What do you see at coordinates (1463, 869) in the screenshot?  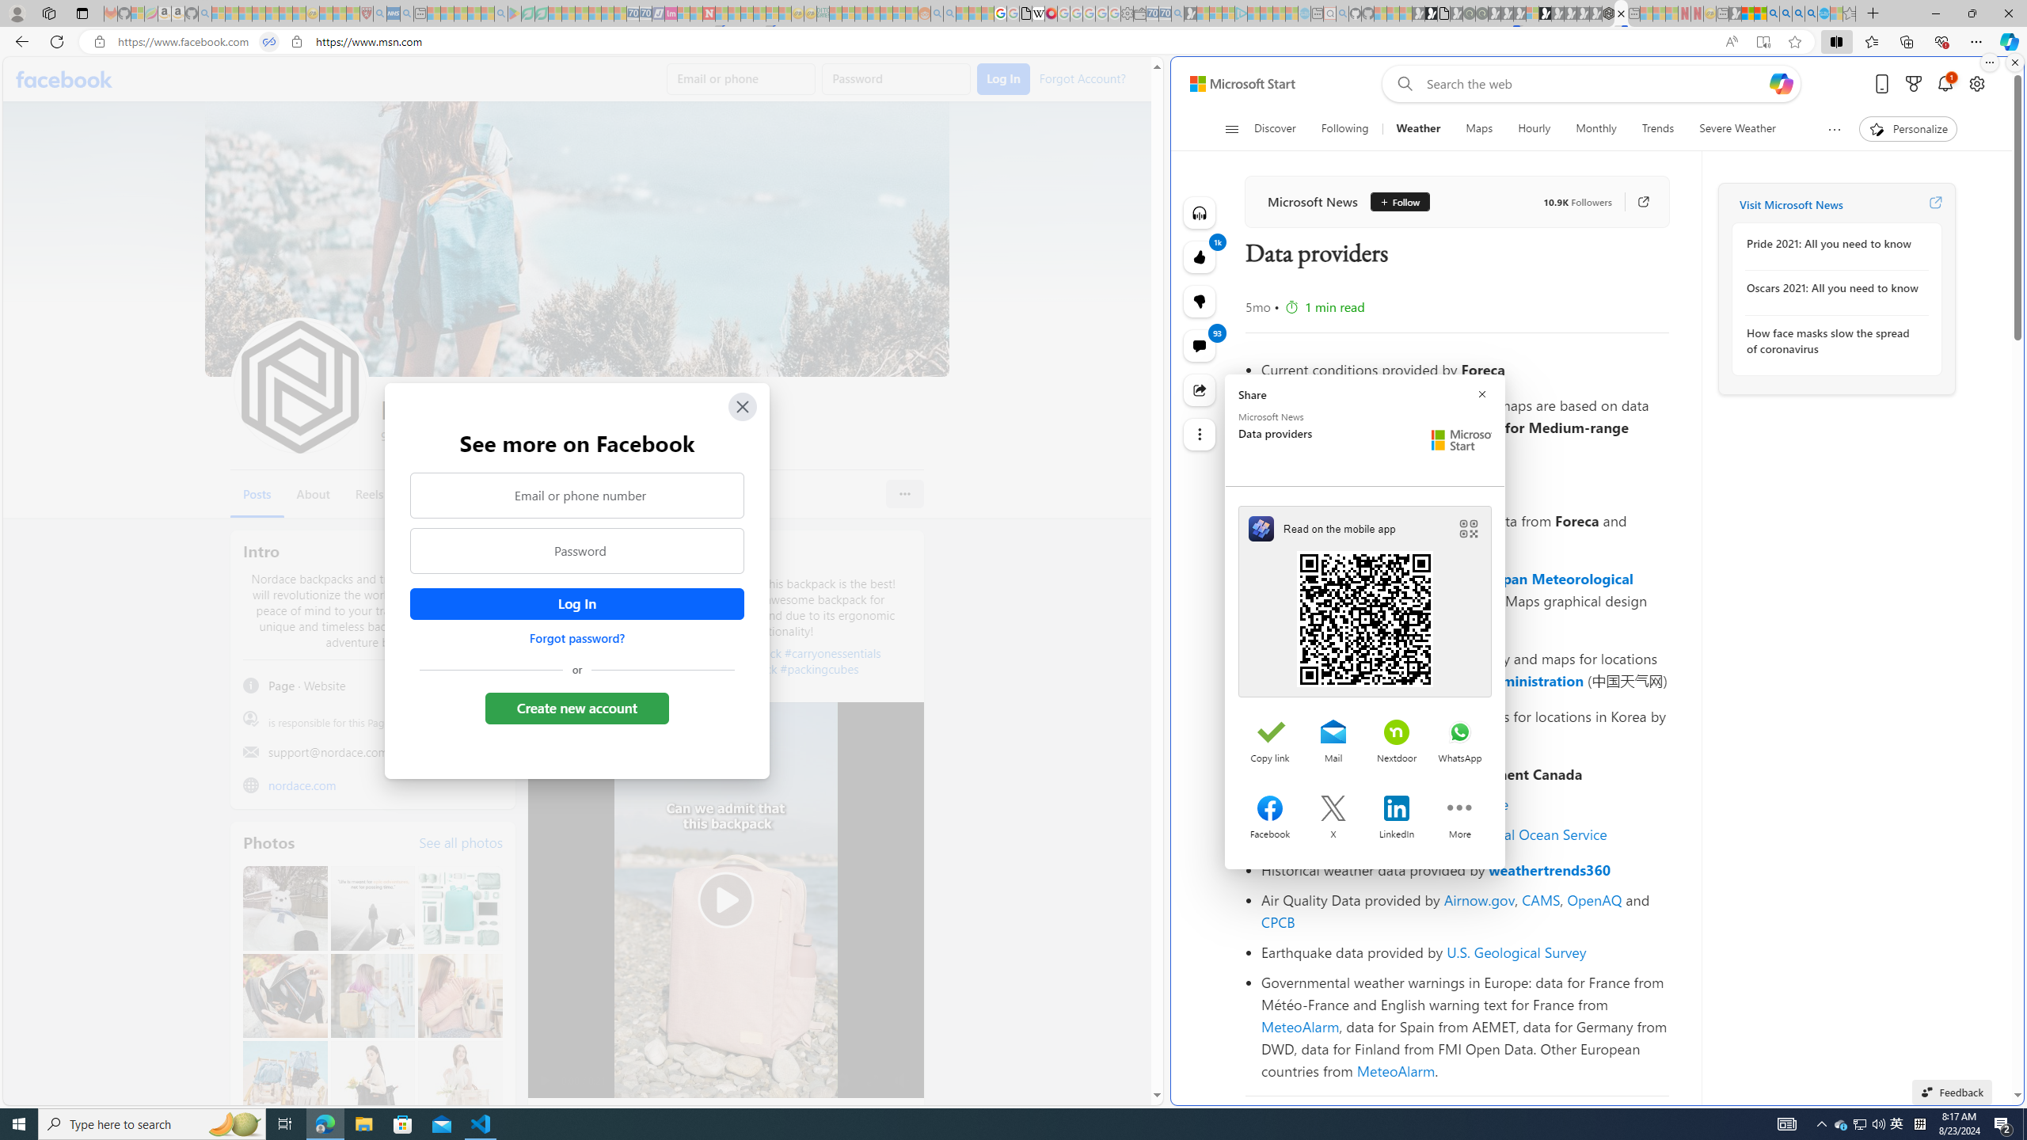 I see `'Historical weather data provided by weathertrends360'` at bounding box center [1463, 869].